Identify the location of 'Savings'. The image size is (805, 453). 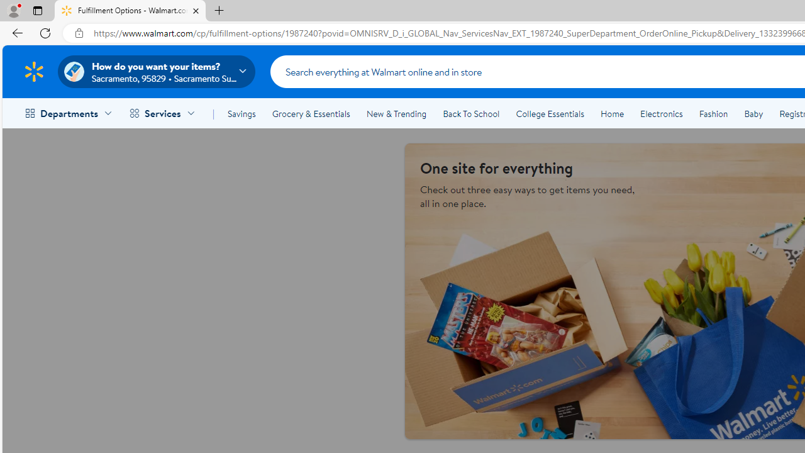
(241, 114).